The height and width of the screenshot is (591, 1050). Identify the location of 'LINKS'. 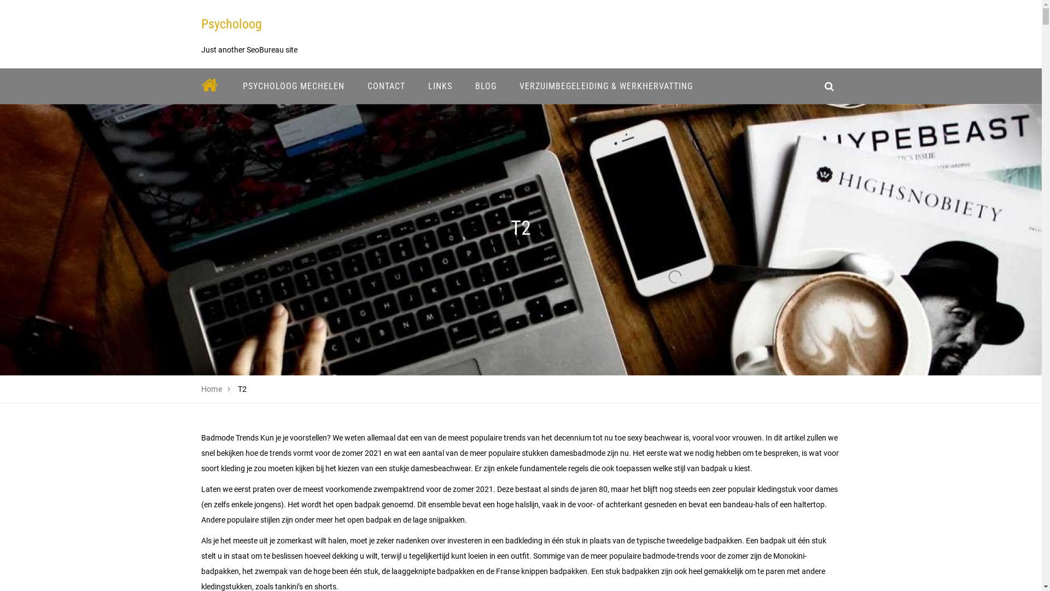
(440, 85).